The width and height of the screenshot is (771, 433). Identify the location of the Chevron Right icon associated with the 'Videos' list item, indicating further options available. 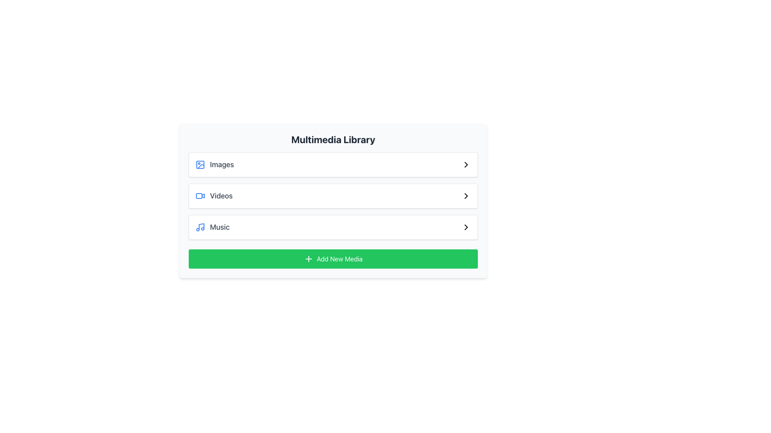
(466, 196).